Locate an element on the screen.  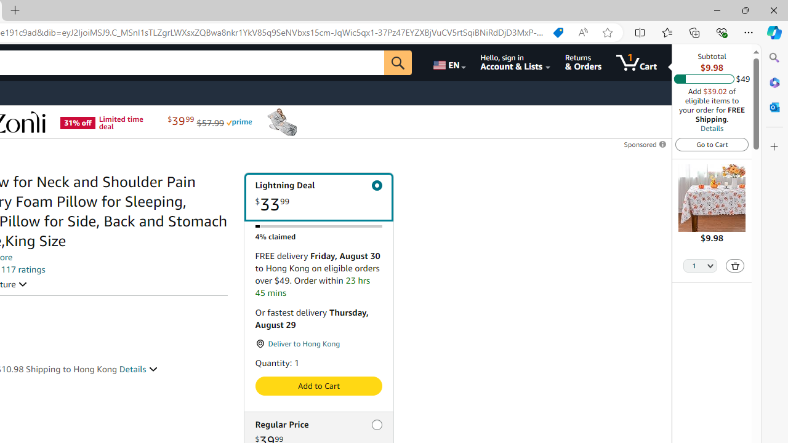
'Go to Cart' is located at coordinates (712, 143).